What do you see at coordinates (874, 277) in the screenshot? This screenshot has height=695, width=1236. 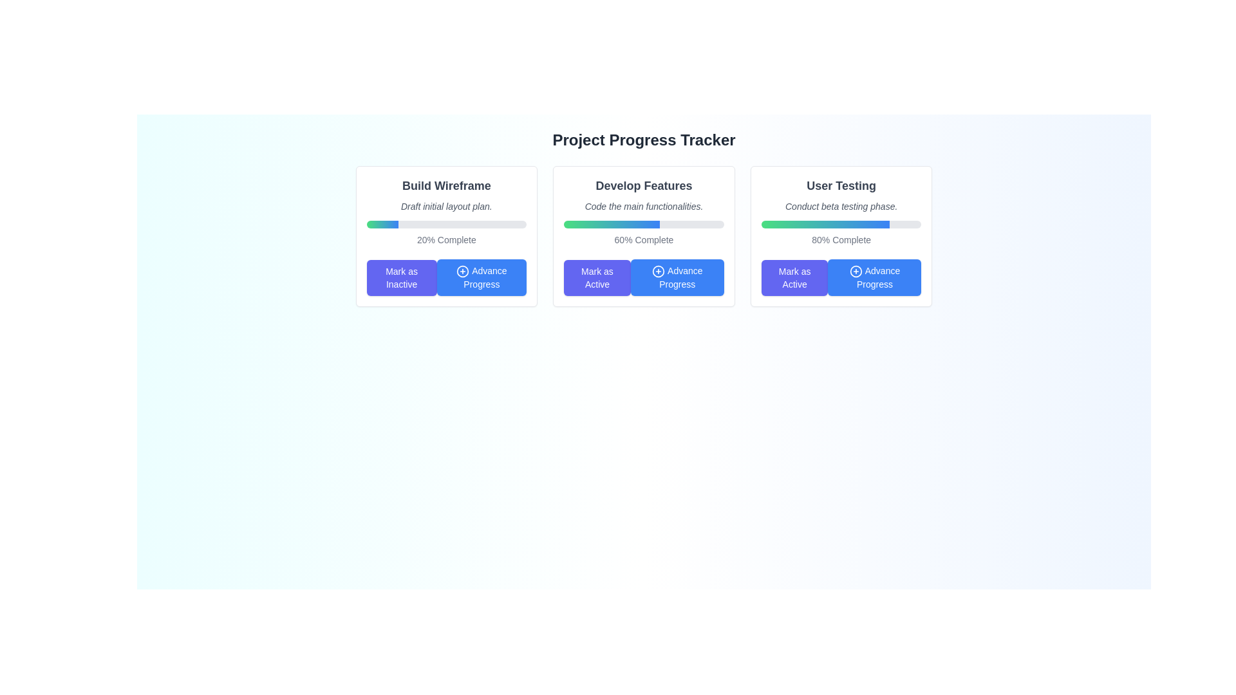 I see `the 'Advance Progress' button, which is a rectangular button with a rounded blue background and white text, positioned under the 'User Testing' section, to advance progress` at bounding box center [874, 277].